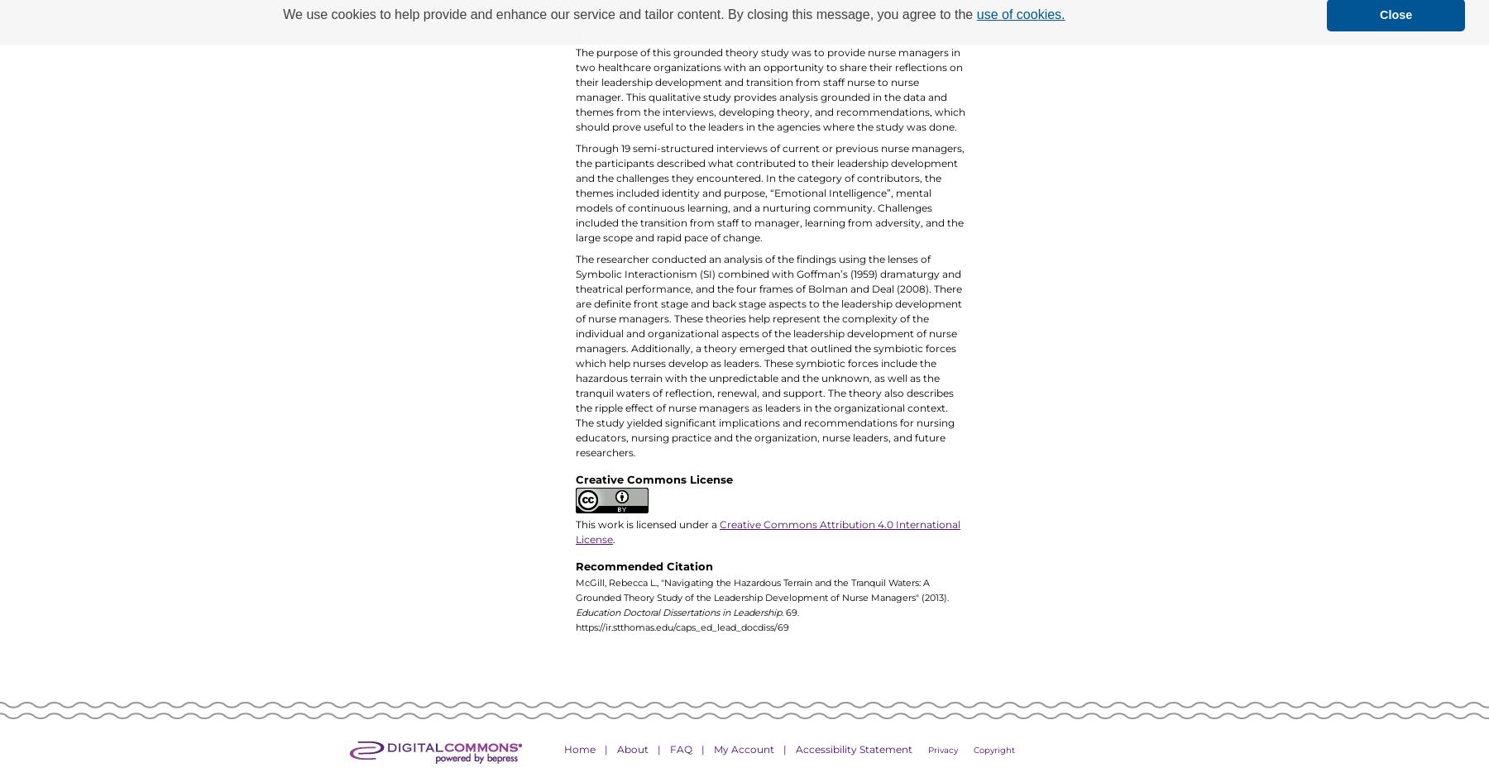 The image size is (1489, 782). What do you see at coordinates (1379, 14) in the screenshot?
I see `'Close'` at bounding box center [1379, 14].